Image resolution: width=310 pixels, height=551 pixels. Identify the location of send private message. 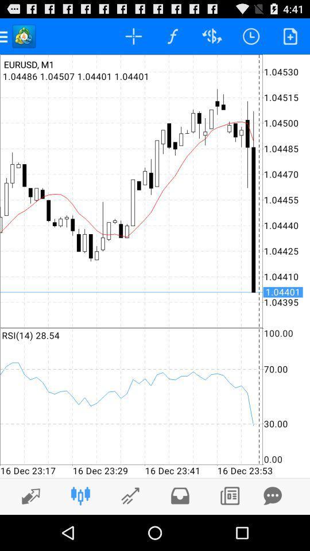
(272, 495).